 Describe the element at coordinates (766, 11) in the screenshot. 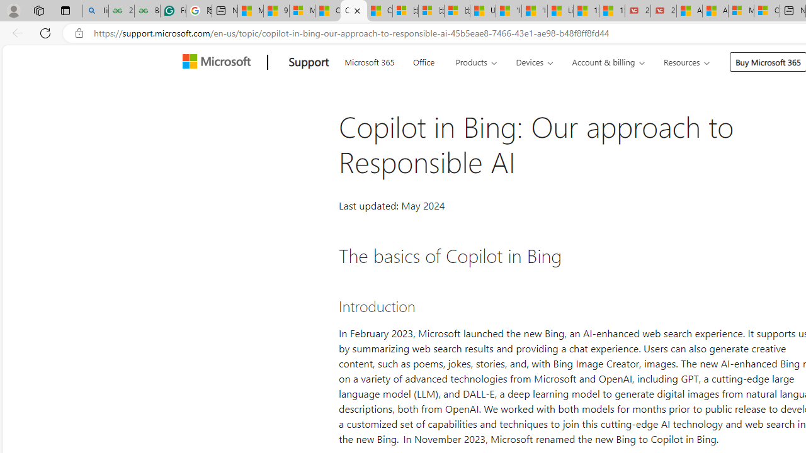

I see `'Cloud Computing Services | Microsoft Azure'` at that location.